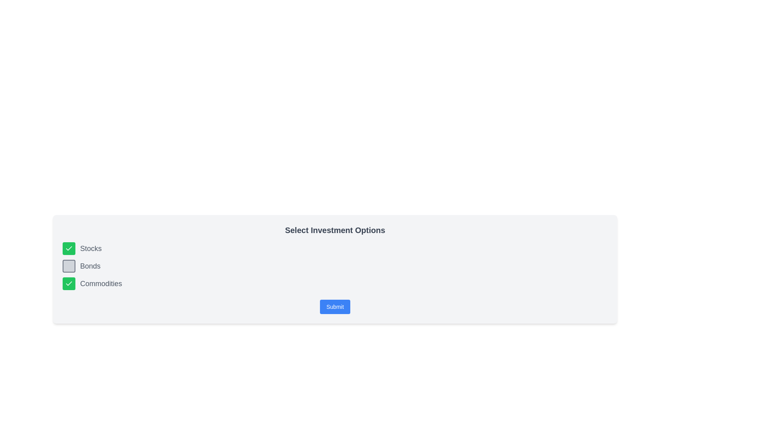  I want to click on the 'Submit' button, which has a blue background and white text, located below the heading 'Select Investment Options', so click(335, 306).